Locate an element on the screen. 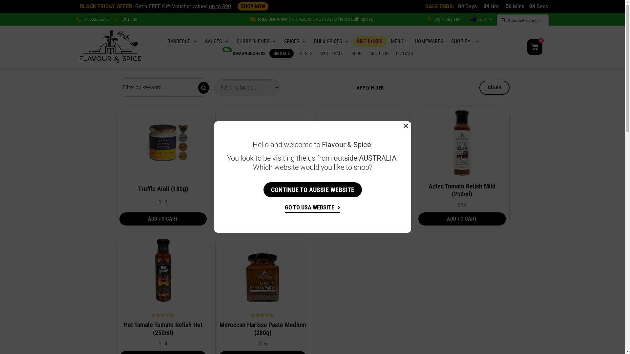 This screenshot has height=354, width=630. 'ABOUT US' is located at coordinates (379, 53).